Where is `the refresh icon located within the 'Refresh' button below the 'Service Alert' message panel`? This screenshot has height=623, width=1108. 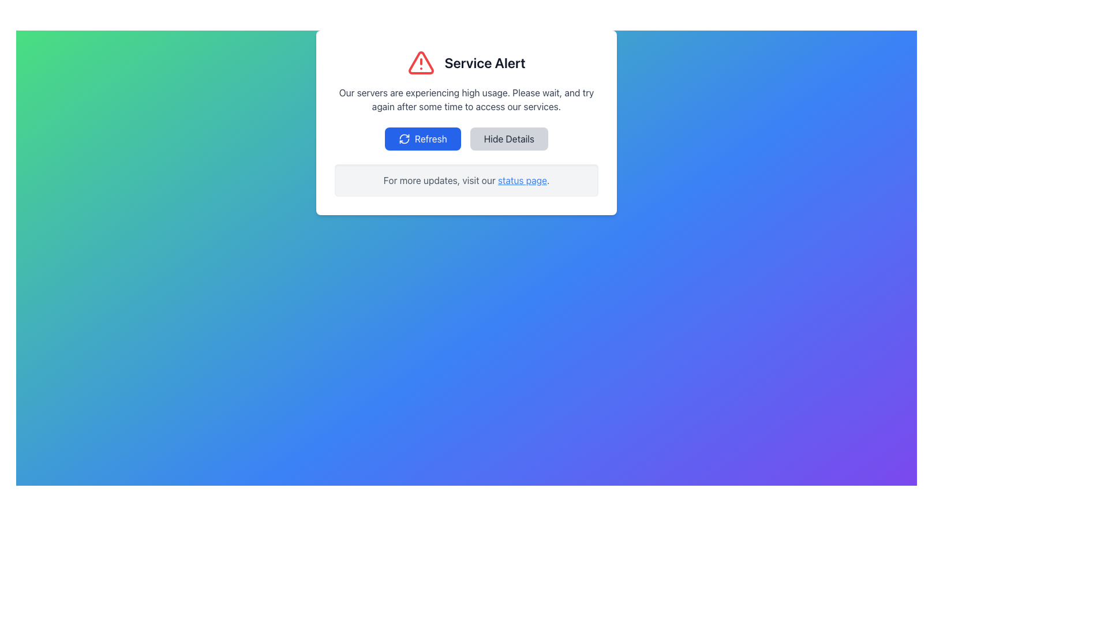 the refresh icon located within the 'Refresh' button below the 'Service Alert' message panel is located at coordinates (404, 138).